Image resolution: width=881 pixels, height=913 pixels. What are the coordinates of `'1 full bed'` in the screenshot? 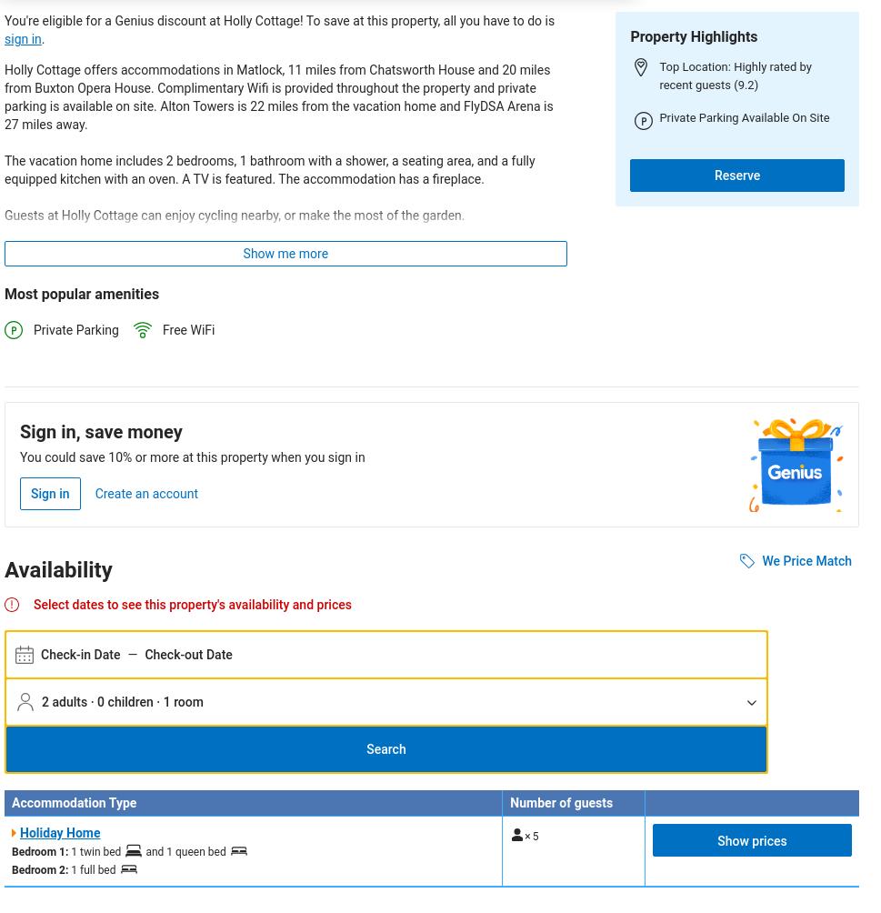 It's located at (93, 869).